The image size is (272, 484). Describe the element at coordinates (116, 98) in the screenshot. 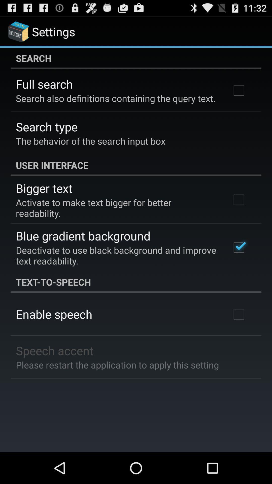

I see `the item below the full search icon` at that location.